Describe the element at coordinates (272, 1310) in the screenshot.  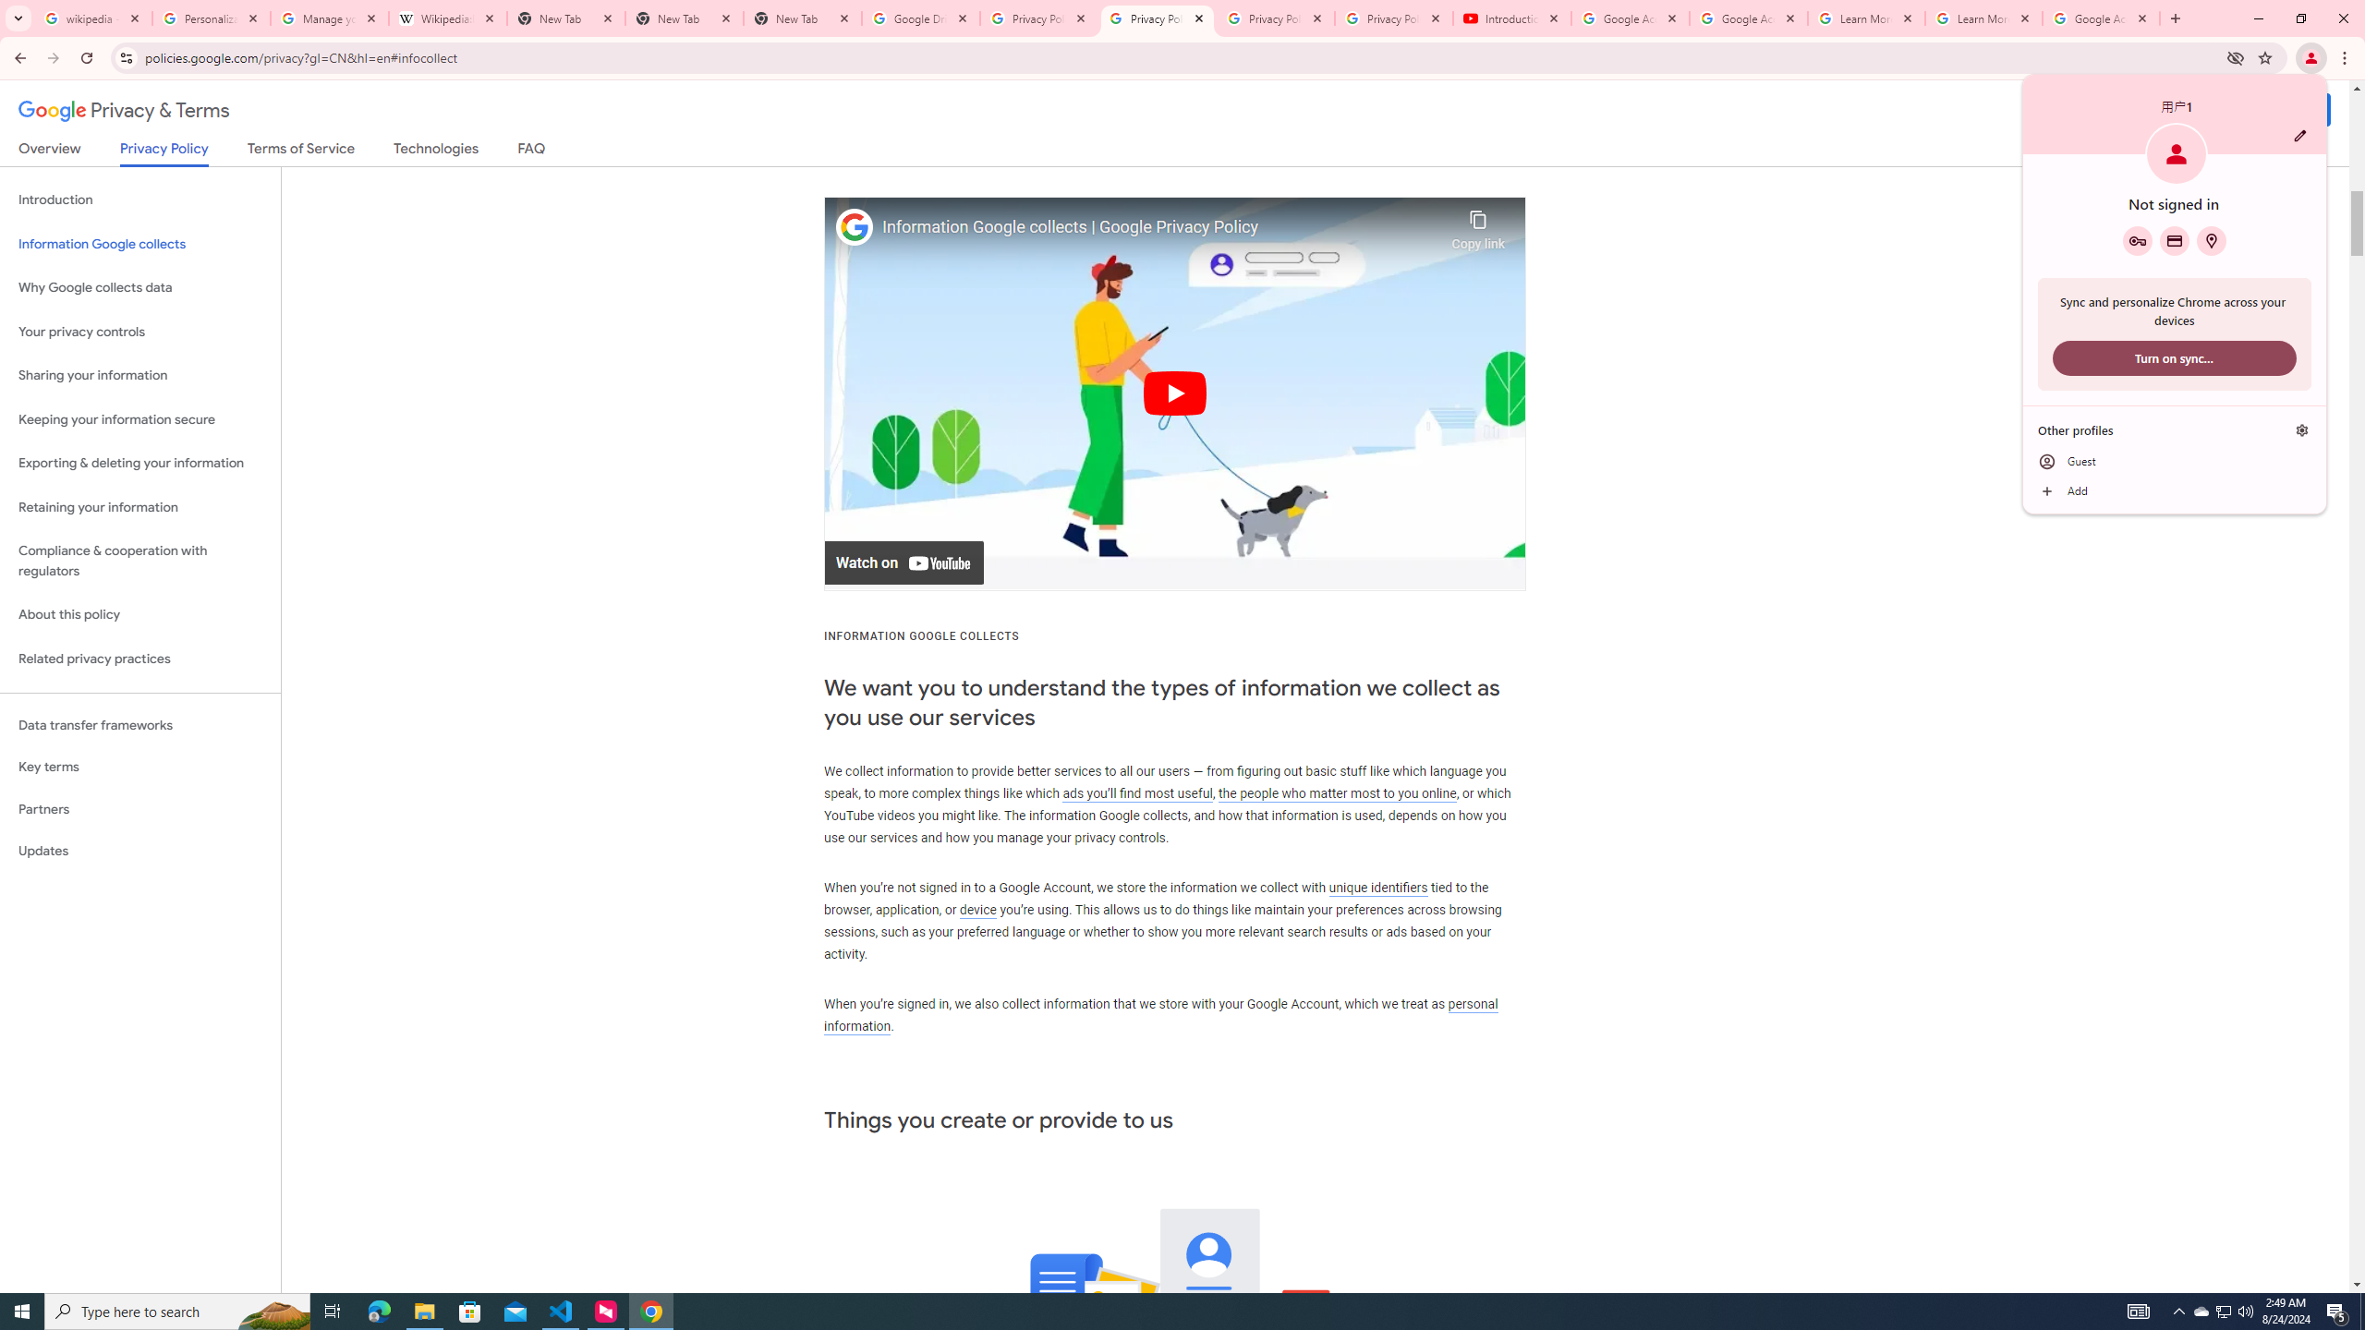
I see `'Search highlights icon opens search home window'` at that location.